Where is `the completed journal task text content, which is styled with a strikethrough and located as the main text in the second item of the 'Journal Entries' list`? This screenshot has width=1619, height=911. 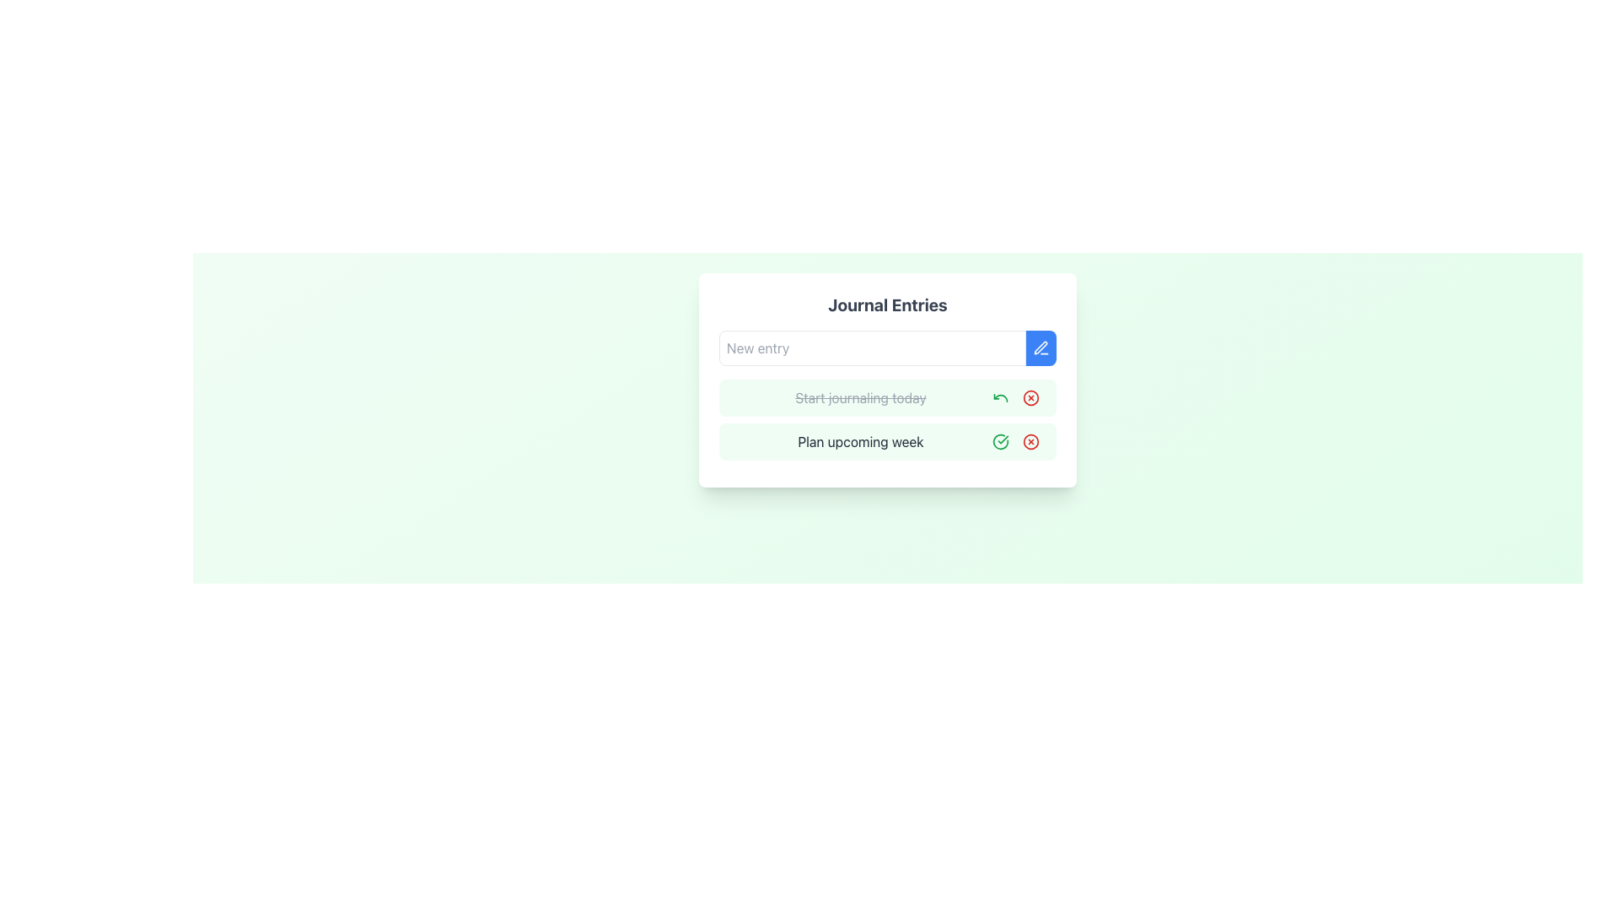 the completed journal task text content, which is styled with a strikethrough and located as the main text in the second item of the 'Journal Entries' list is located at coordinates (861, 397).